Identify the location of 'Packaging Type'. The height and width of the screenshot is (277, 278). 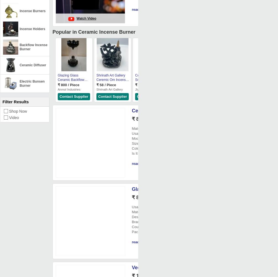
(145, 232).